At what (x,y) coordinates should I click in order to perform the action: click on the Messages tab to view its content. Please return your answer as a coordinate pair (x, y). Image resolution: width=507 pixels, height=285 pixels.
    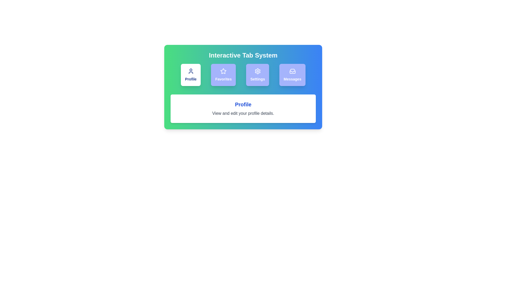
    Looking at the image, I should click on (292, 75).